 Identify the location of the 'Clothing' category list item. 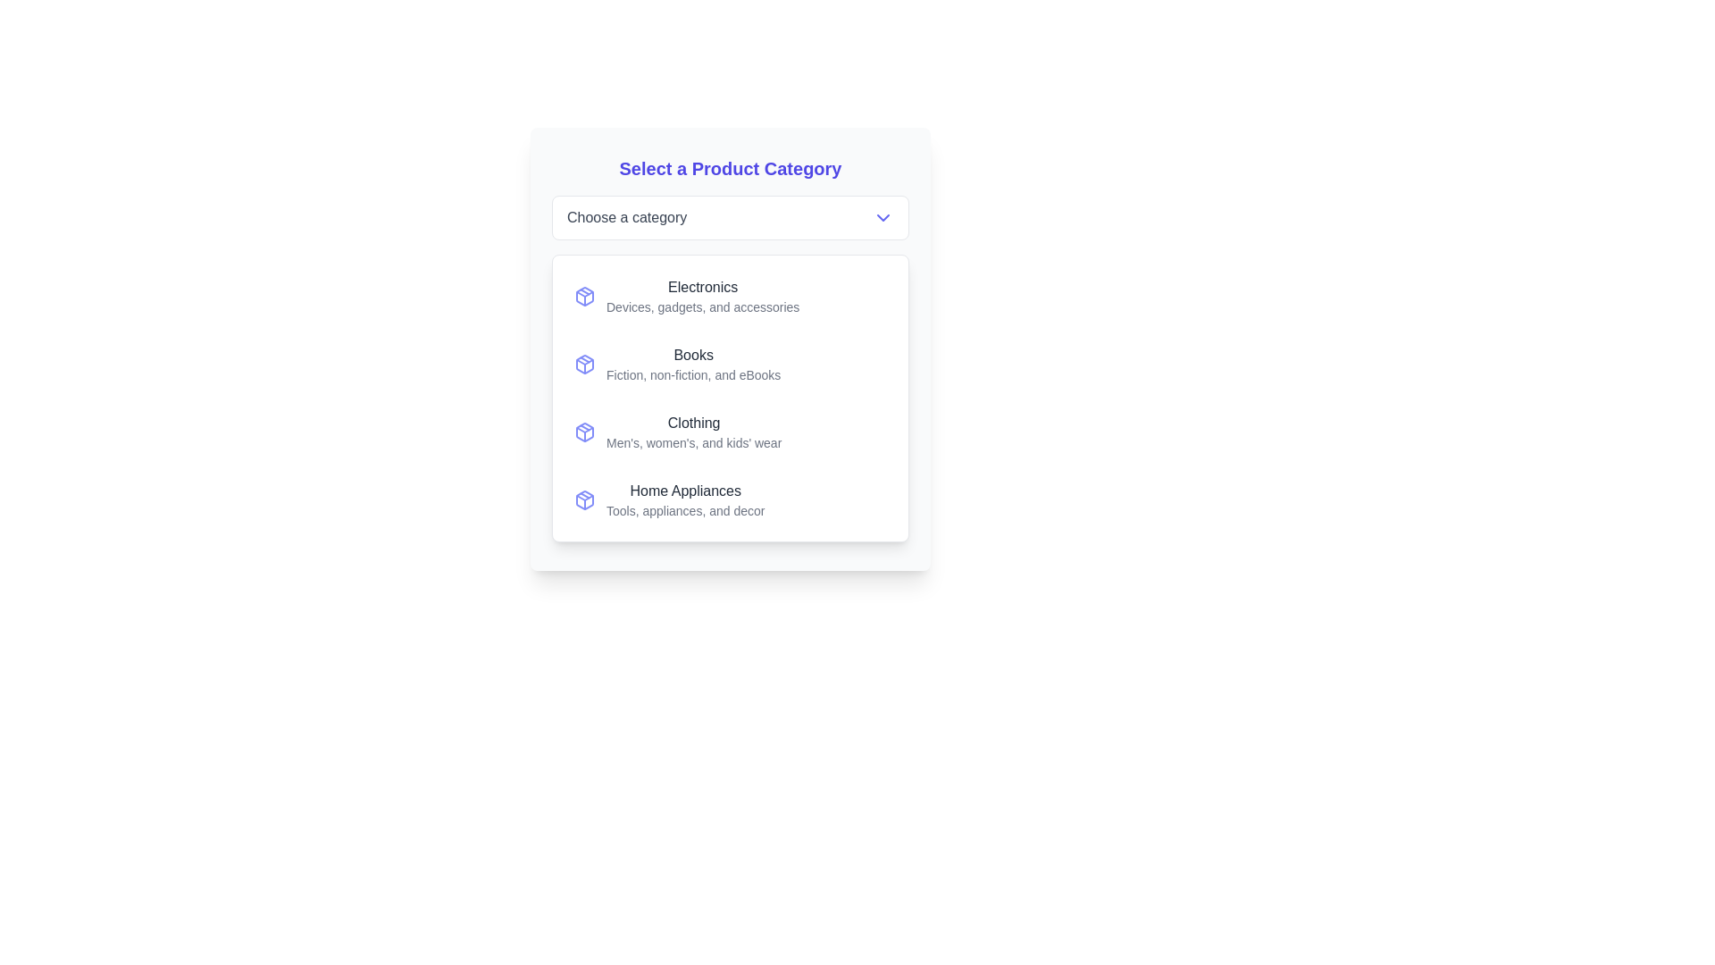
(584, 432).